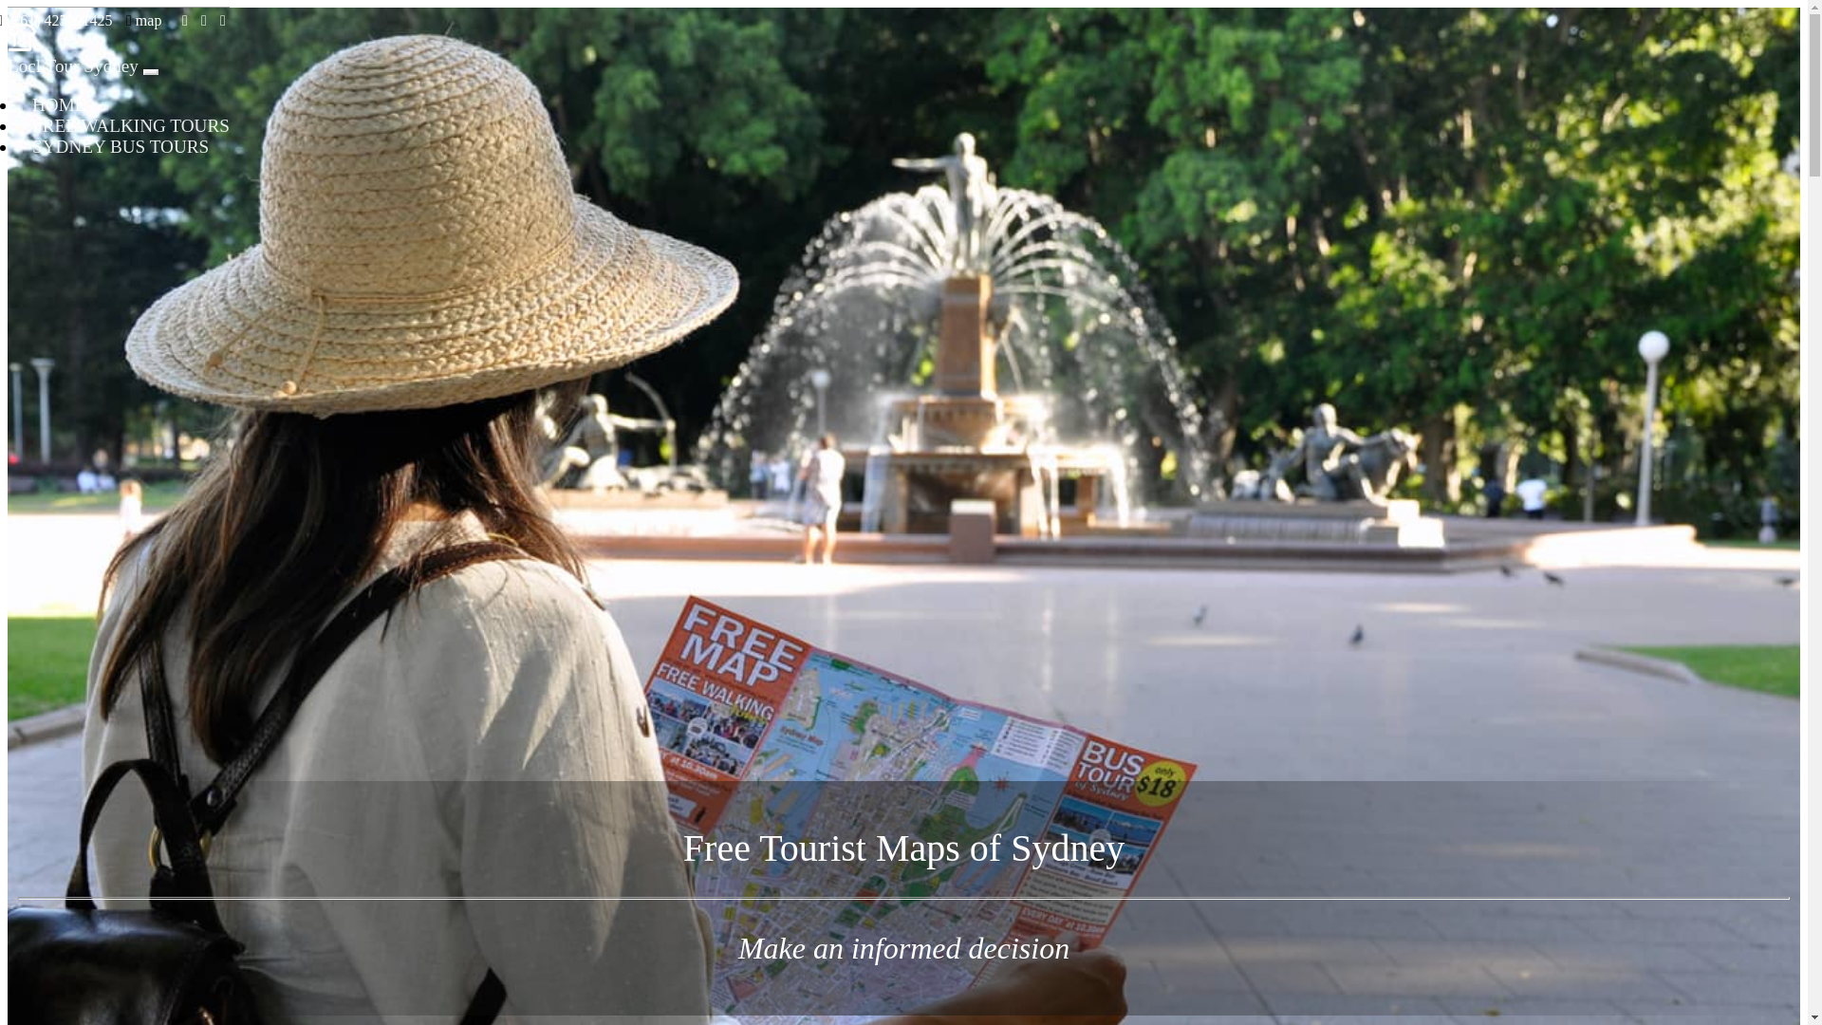 The height and width of the screenshot is (1025, 1822). What do you see at coordinates (8, 65) in the screenshot?
I see `'Locl Tour Sydney'` at bounding box center [8, 65].